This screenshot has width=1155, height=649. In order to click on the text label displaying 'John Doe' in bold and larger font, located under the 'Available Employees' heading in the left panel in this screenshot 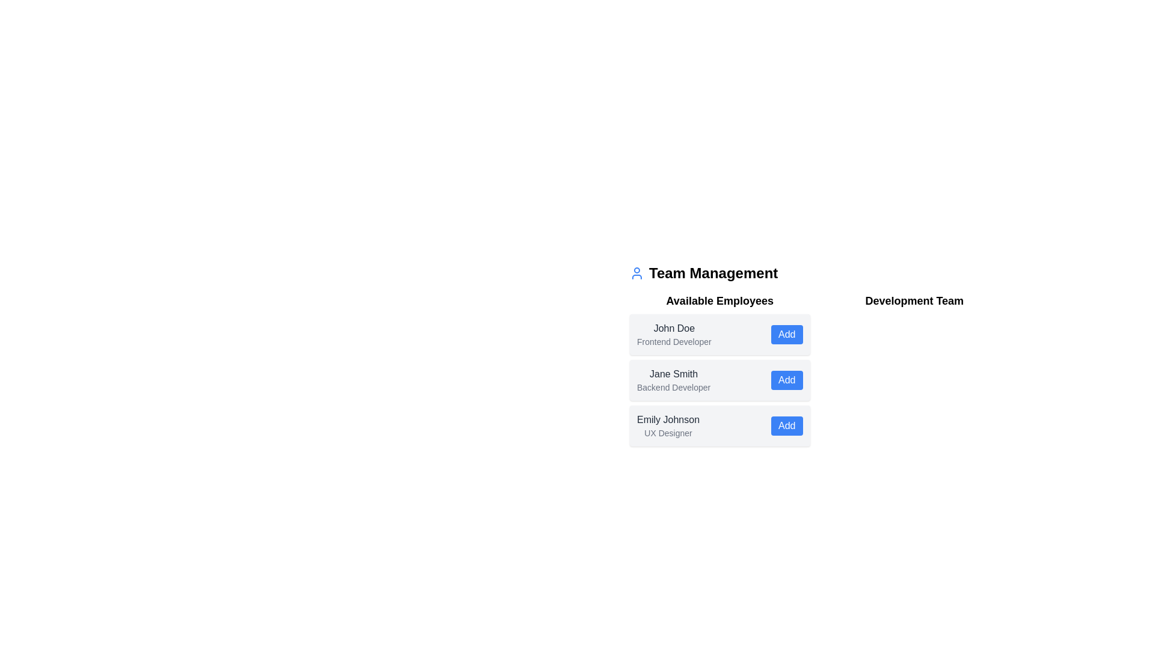, I will do `click(674, 329)`.